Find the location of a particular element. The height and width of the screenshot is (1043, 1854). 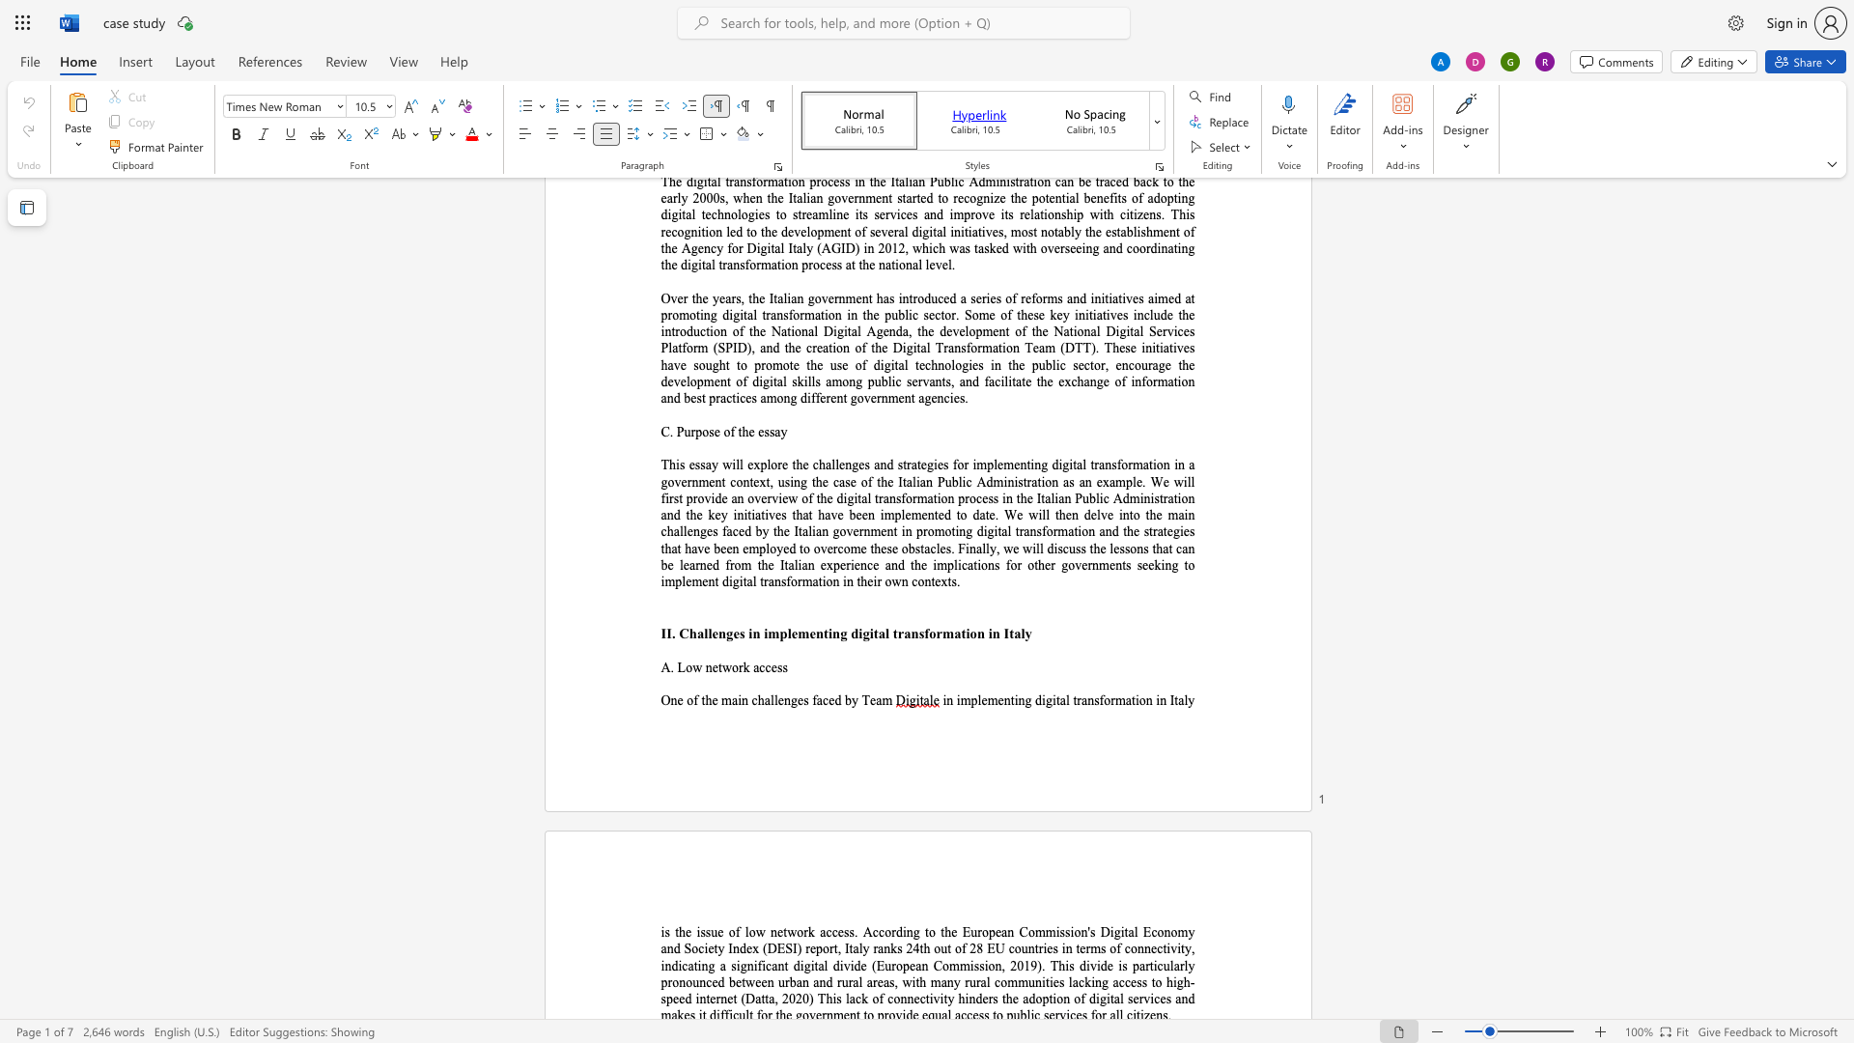

the space between the continuous character "n" and "o" in the text is located at coordinates (1169, 931).